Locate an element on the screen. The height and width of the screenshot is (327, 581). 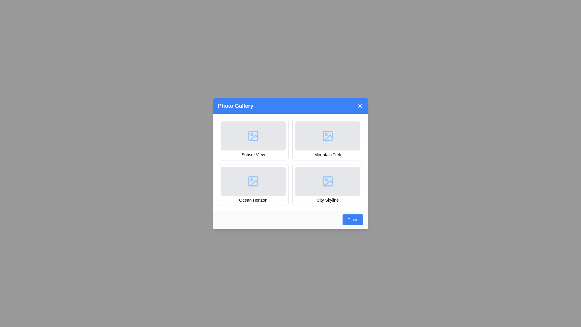
the close icon located at the top-right corner of the 'Photo Gallery' modal is located at coordinates (360, 106).